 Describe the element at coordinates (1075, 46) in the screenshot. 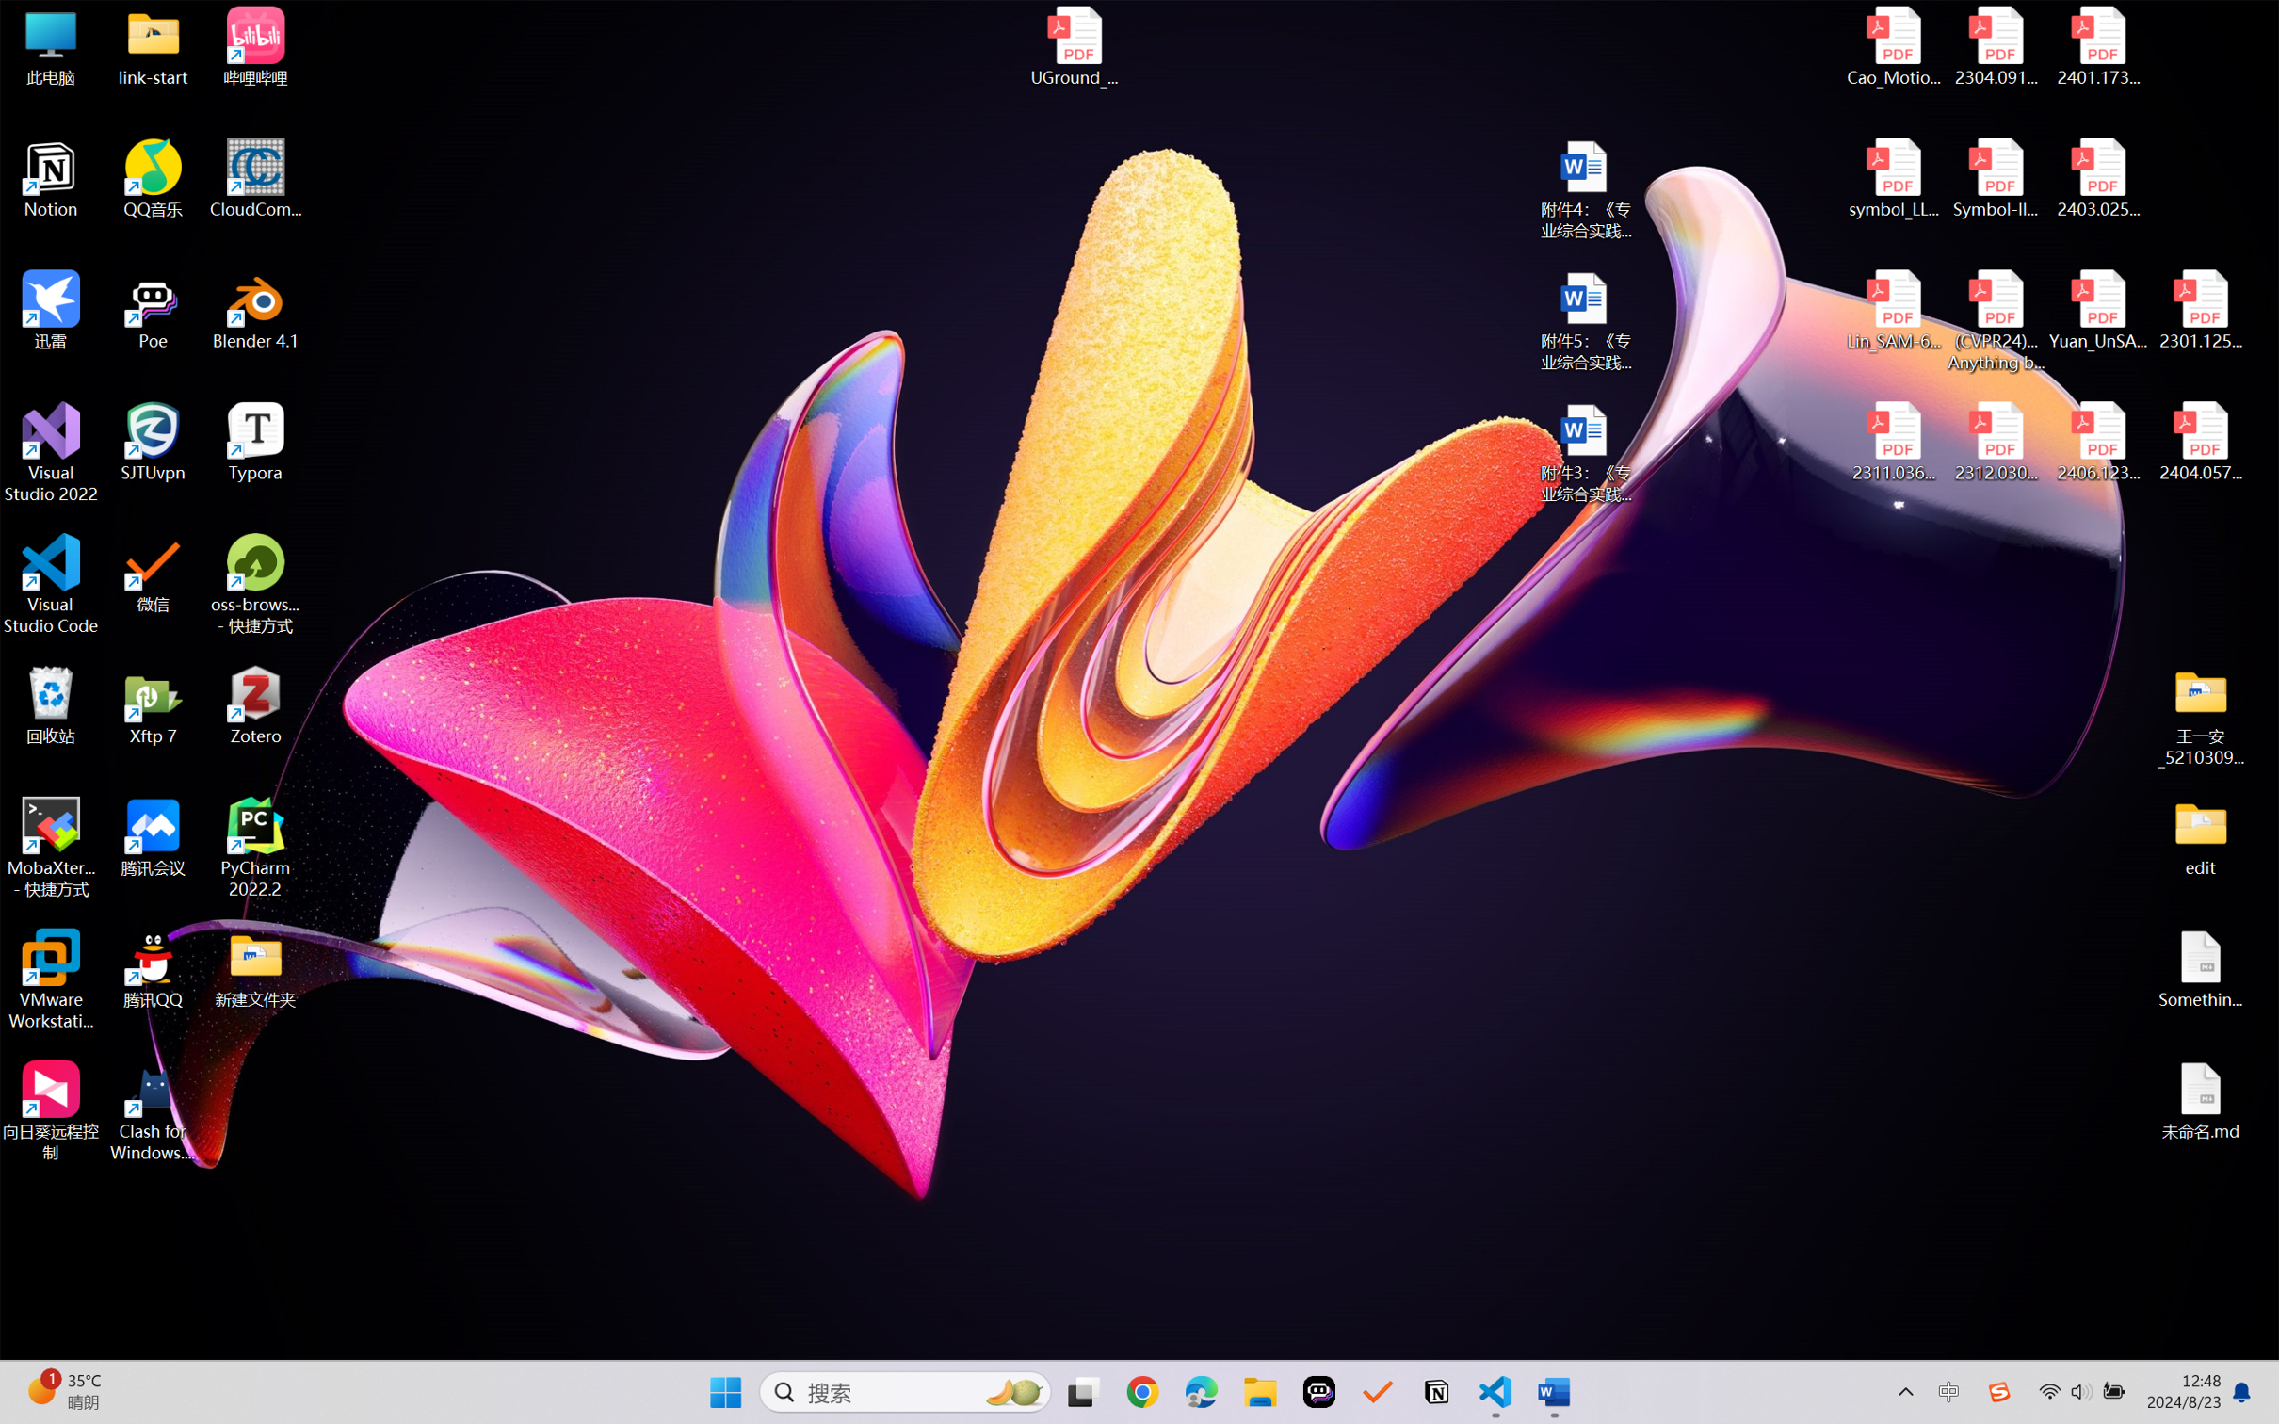

I see `'UGround_paper.pdf'` at that location.